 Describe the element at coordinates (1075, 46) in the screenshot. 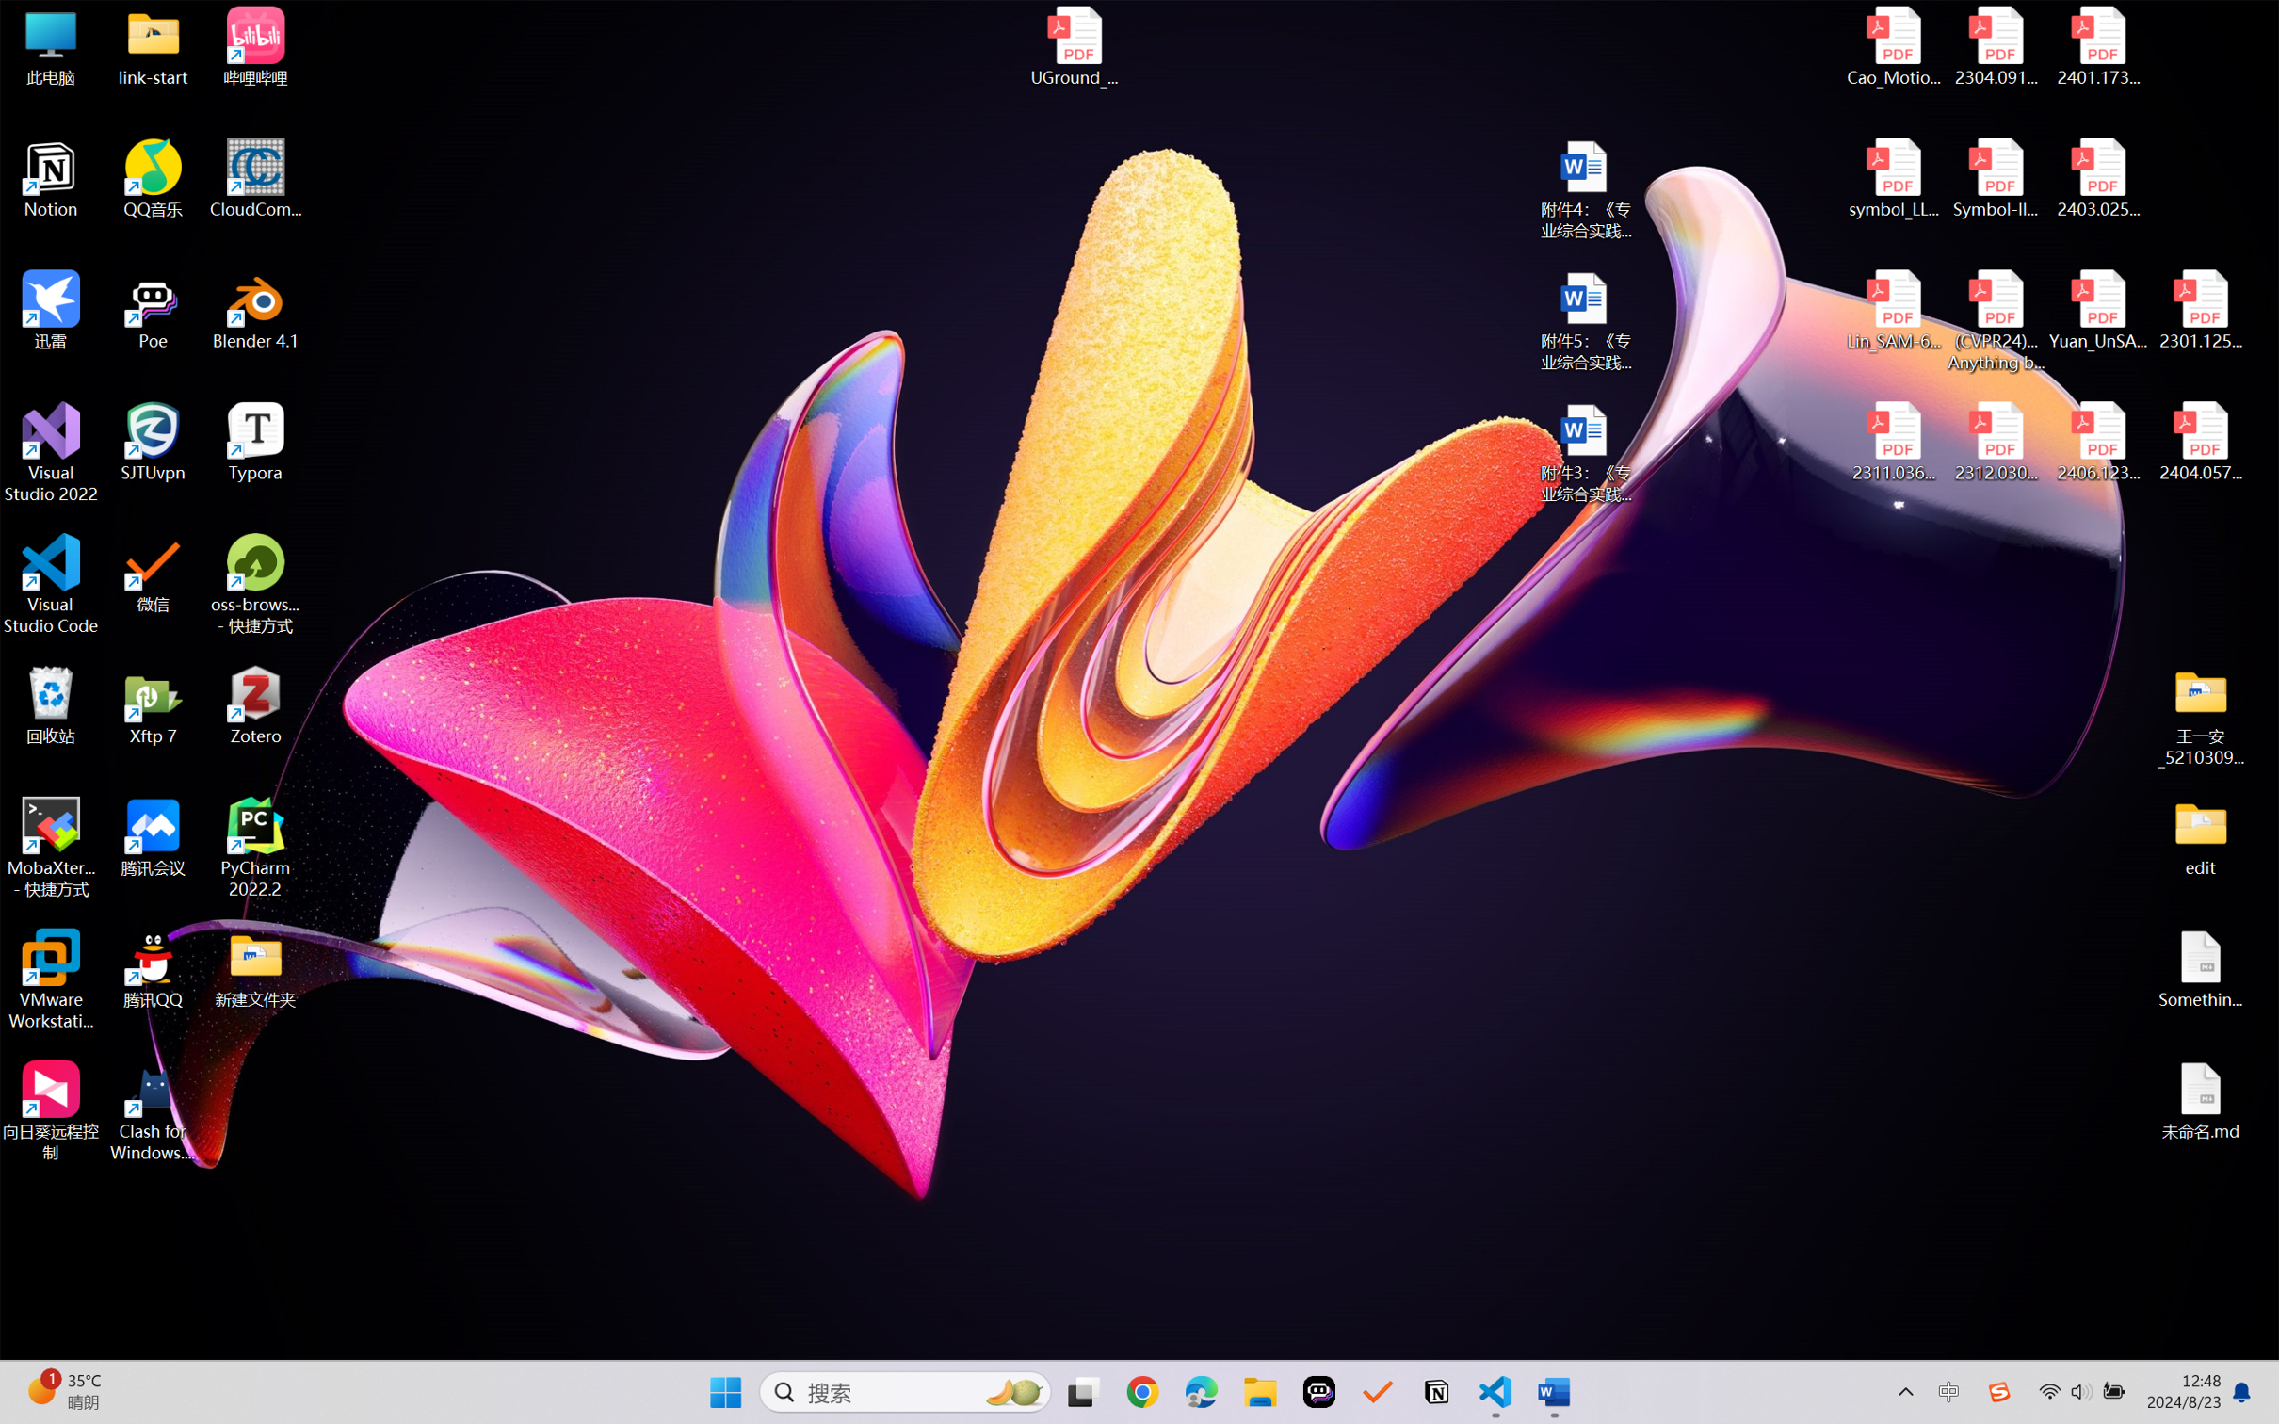

I see `'UGround_paper.pdf'` at that location.